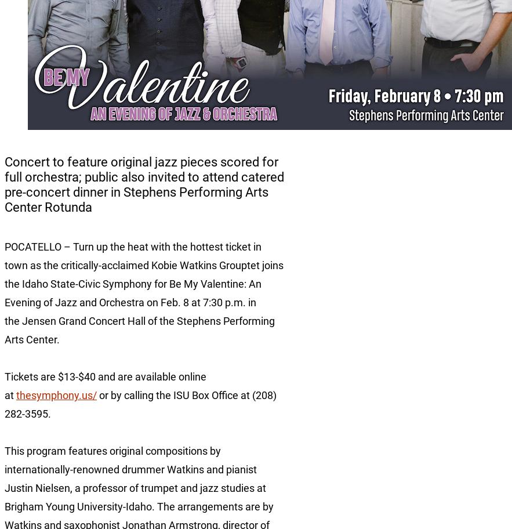 The height and width of the screenshot is (529, 512). Describe the element at coordinates (39, 142) in the screenshot. I see `'Academic Affairs'` at that location.